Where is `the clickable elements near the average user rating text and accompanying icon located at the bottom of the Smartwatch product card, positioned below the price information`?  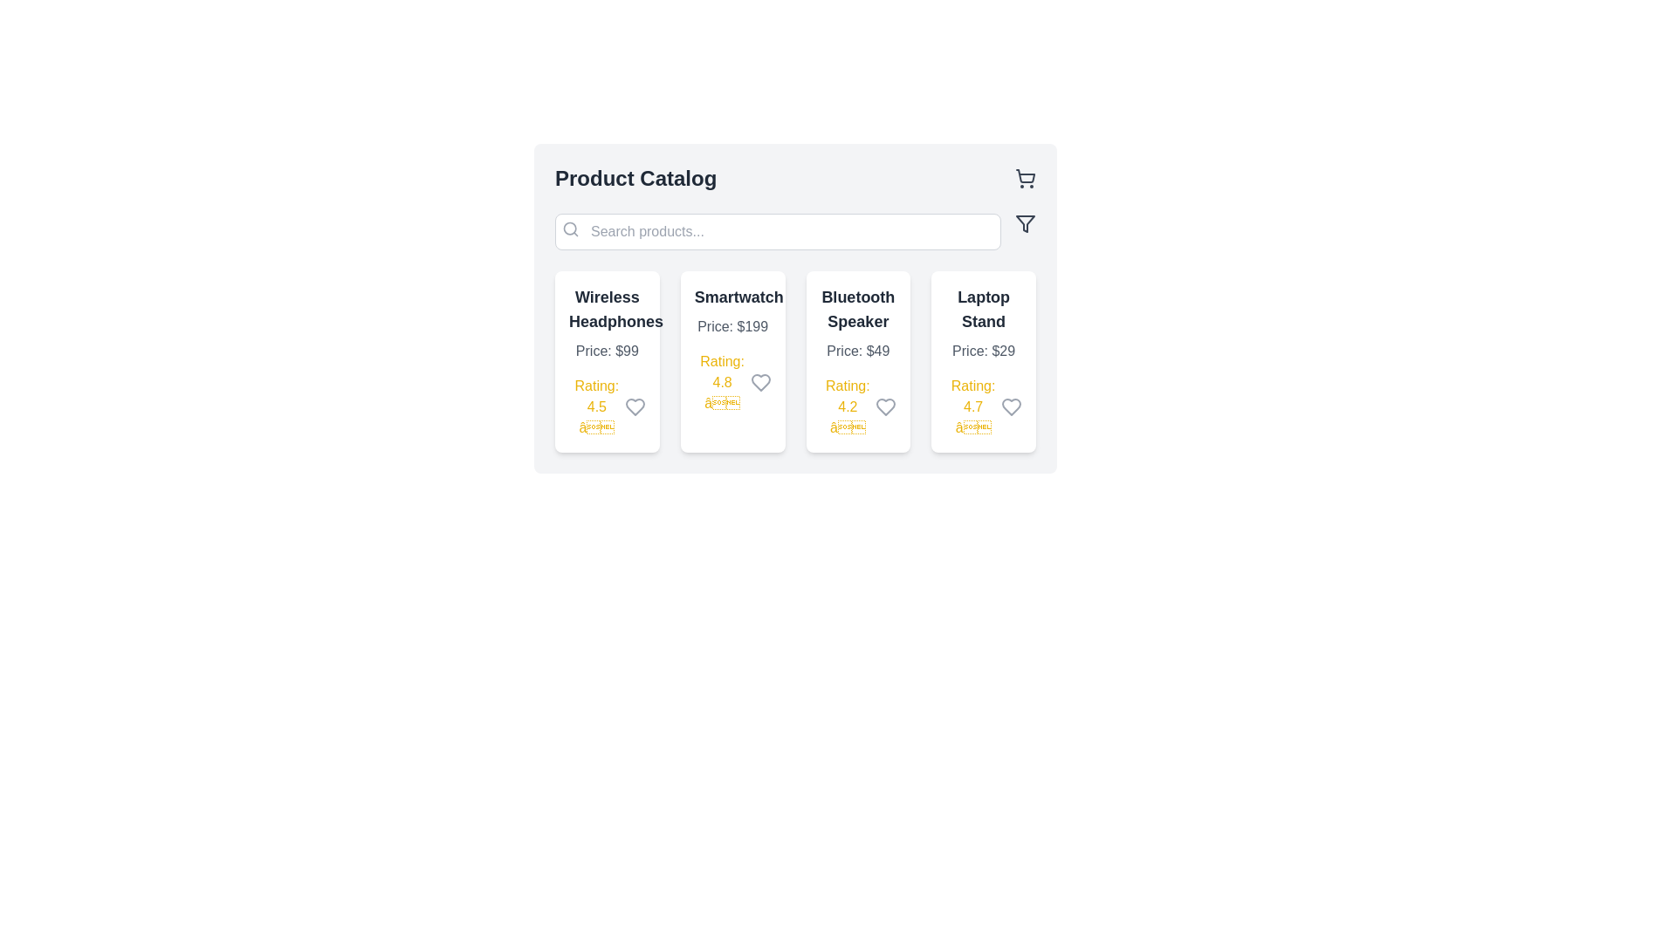
the clickable elements near the average user rating text and accompanying icon located at the bottom of the Smartwatch product card, positioned below the price information is located at coordinates (732, 382).